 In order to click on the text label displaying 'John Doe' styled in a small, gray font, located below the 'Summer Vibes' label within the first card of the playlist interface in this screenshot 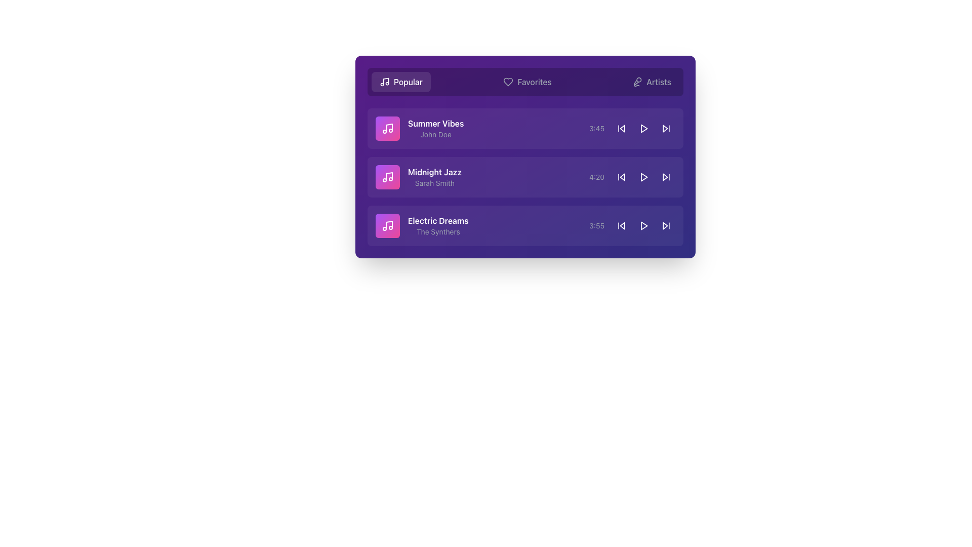, I will do `click(436, 134)`.